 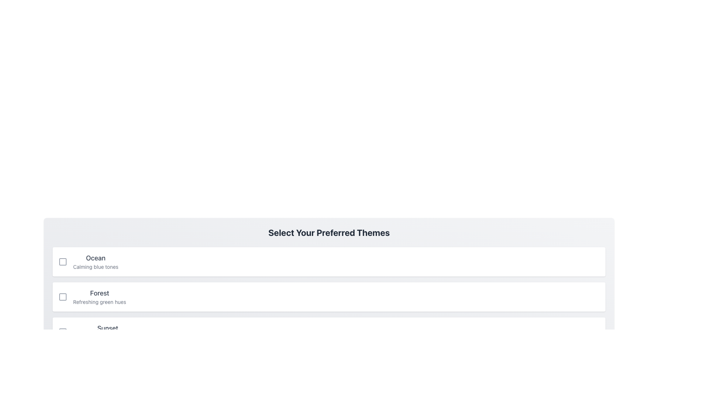 I want to click on the checkbox for the 'Forest' theme option in the selectable list, so click(x=329, y=297).